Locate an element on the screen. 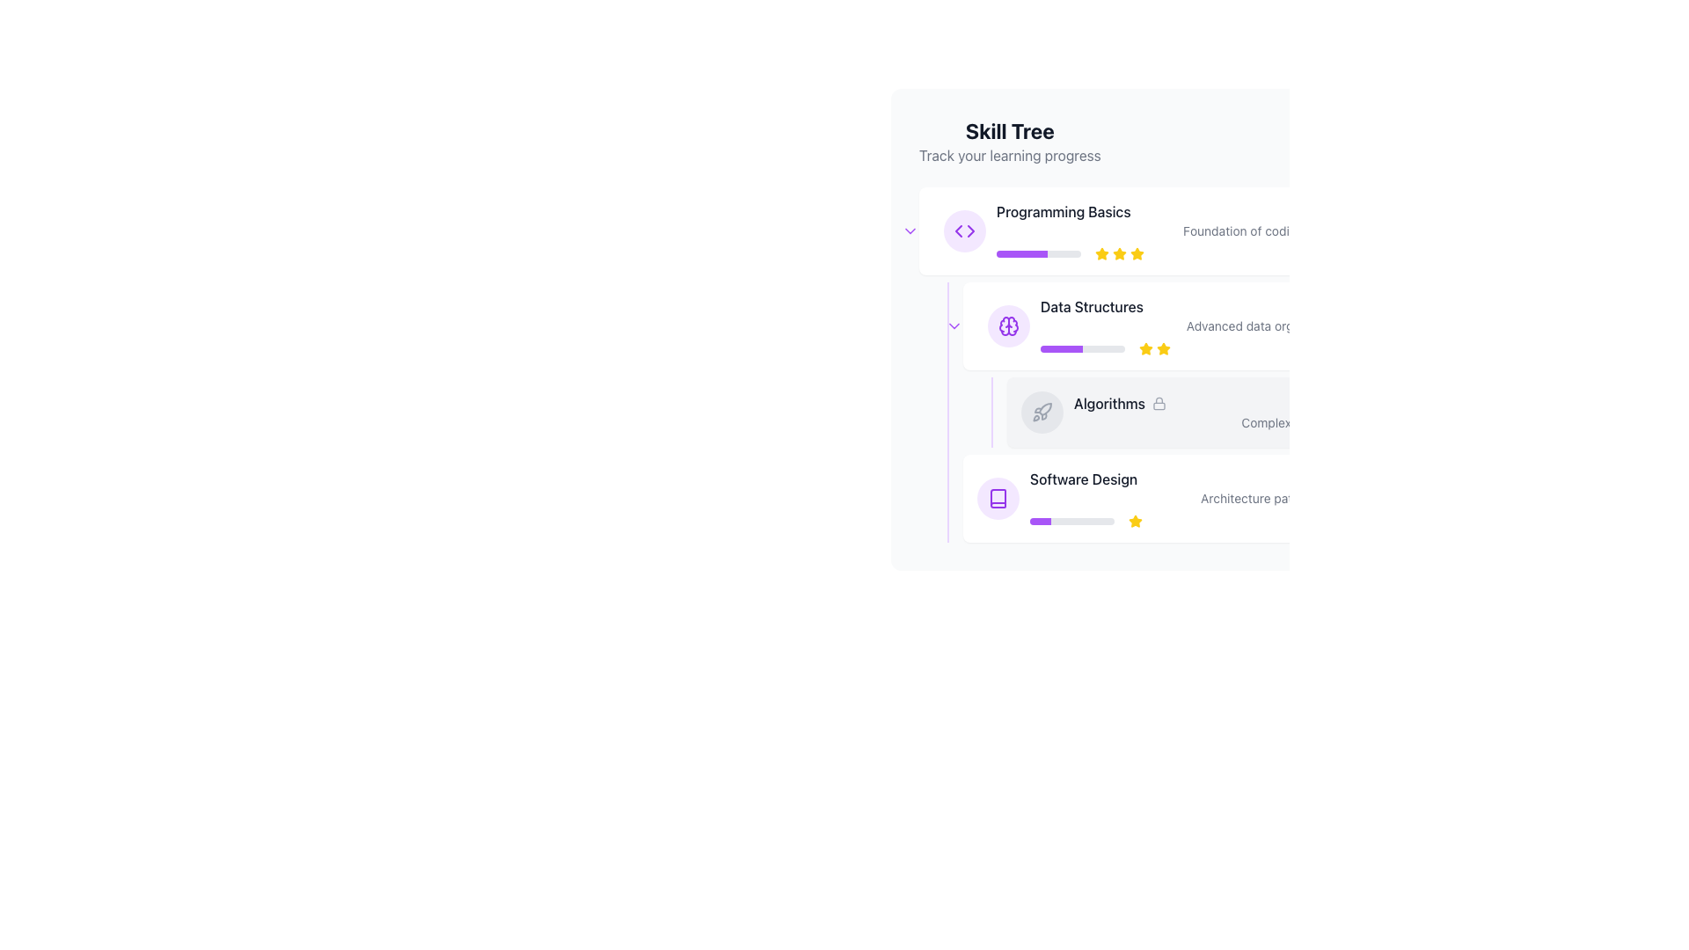  the book icon with purple outlines located in the 'Software Design' section of the 'Skill Tree' hierarchy is located at coordinates (998, 499).